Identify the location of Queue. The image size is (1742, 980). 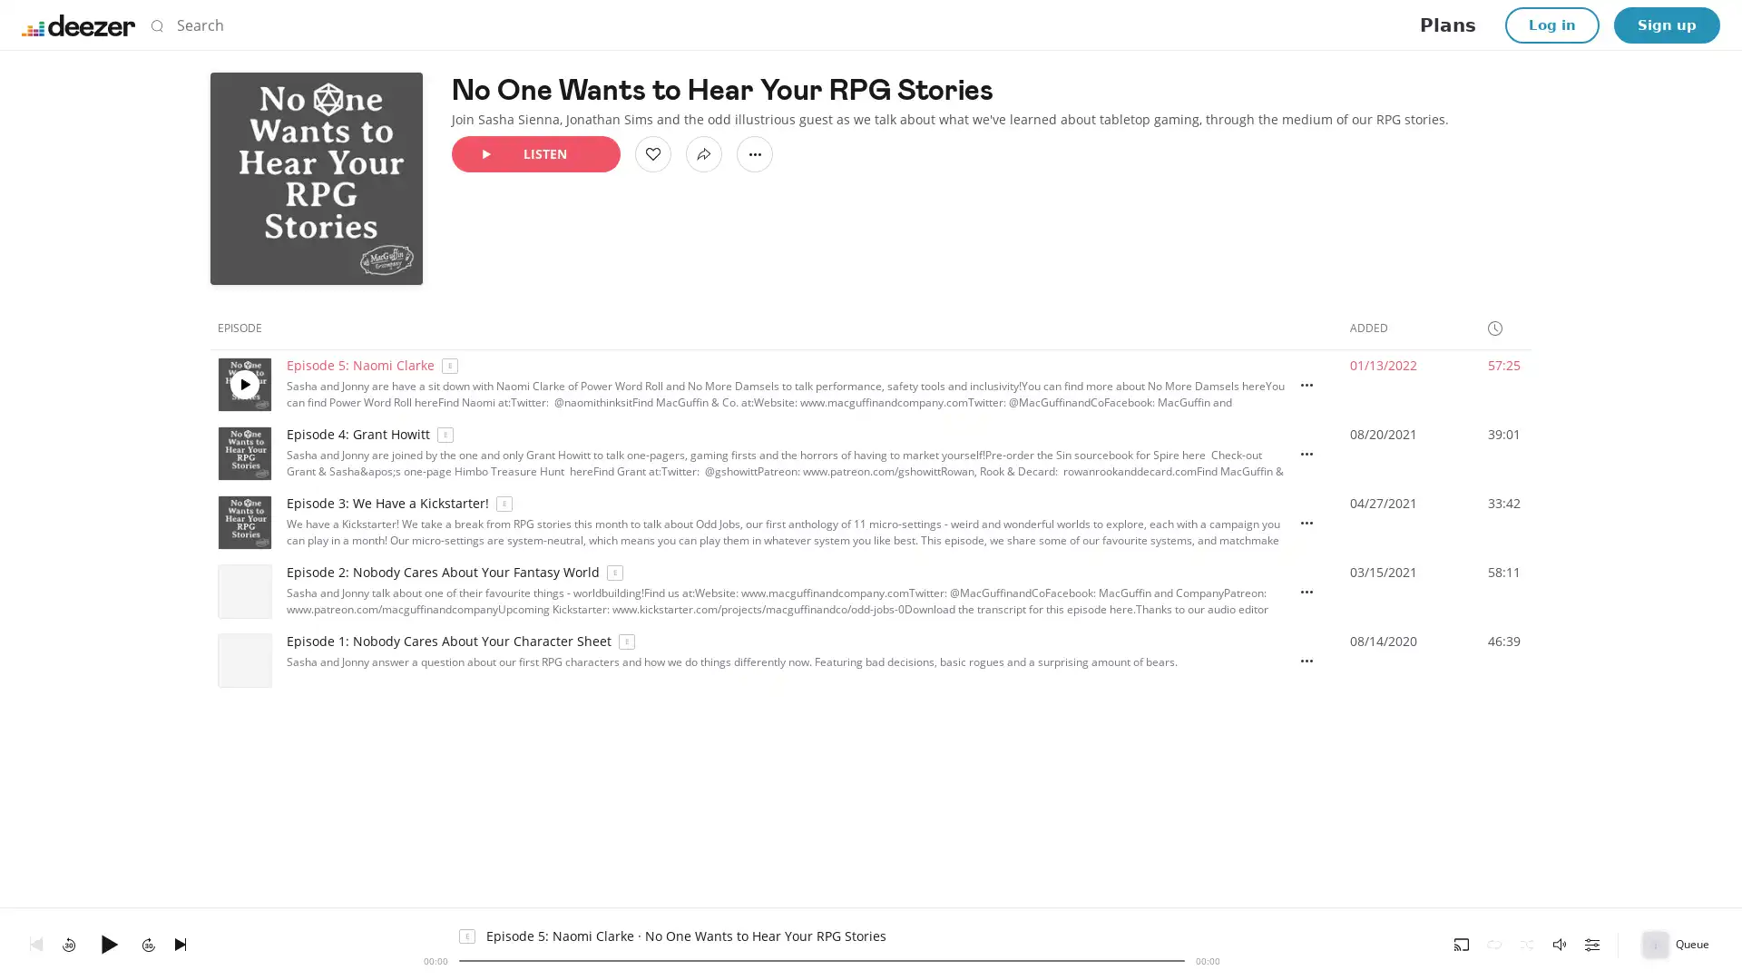
(1677, 943).